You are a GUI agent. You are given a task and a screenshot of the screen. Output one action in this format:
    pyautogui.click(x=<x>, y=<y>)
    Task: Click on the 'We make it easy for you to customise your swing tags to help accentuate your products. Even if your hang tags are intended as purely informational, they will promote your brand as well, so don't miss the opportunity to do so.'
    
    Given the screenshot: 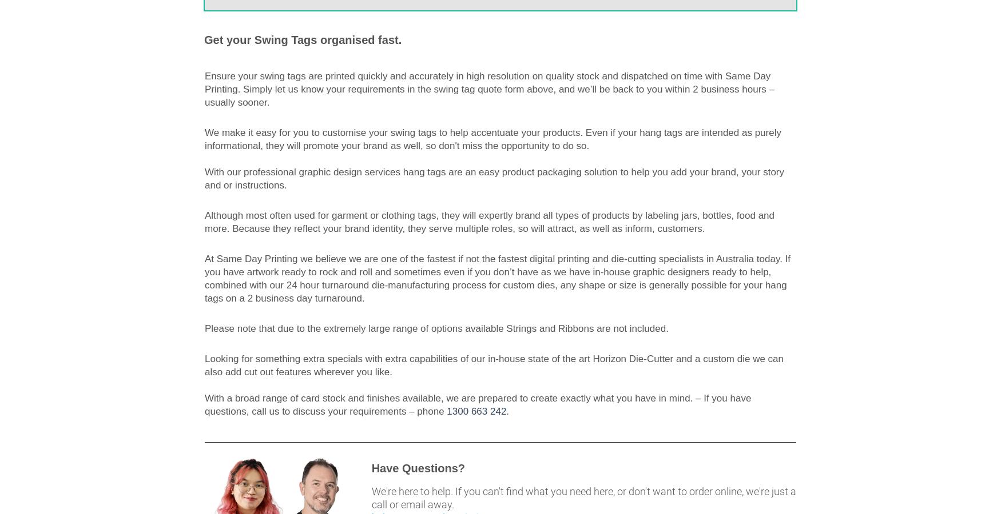 What is the action you would take?
    pyautogui.click(x=492, y=138)
    